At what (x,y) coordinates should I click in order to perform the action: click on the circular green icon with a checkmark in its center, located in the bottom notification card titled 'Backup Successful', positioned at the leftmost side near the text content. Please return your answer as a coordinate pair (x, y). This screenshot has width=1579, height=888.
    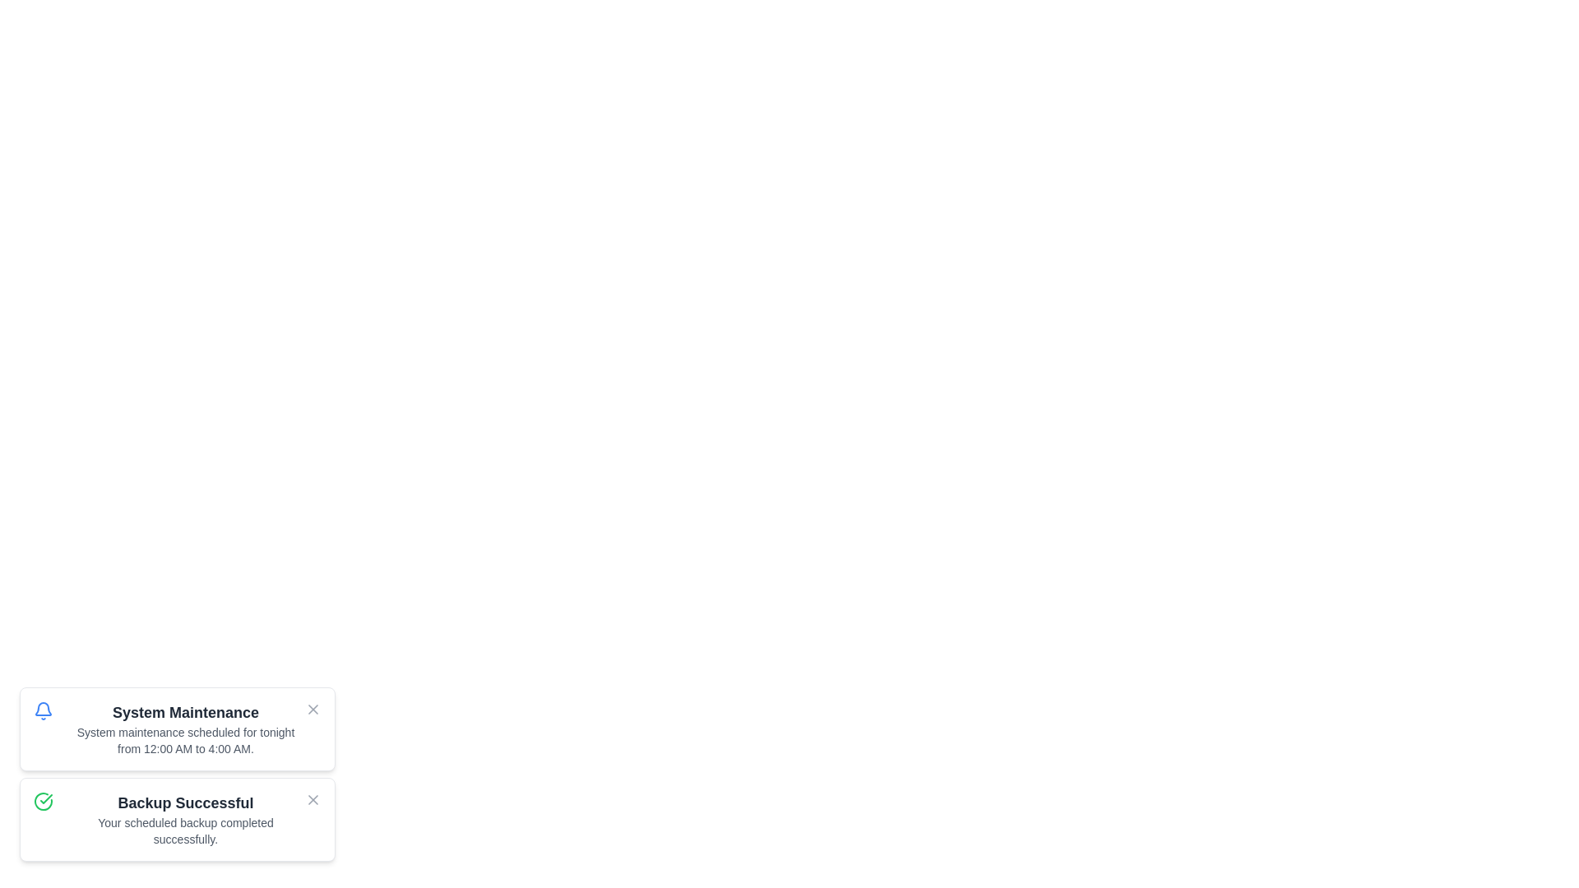
    Looking at the image, I should click on (43, 801).